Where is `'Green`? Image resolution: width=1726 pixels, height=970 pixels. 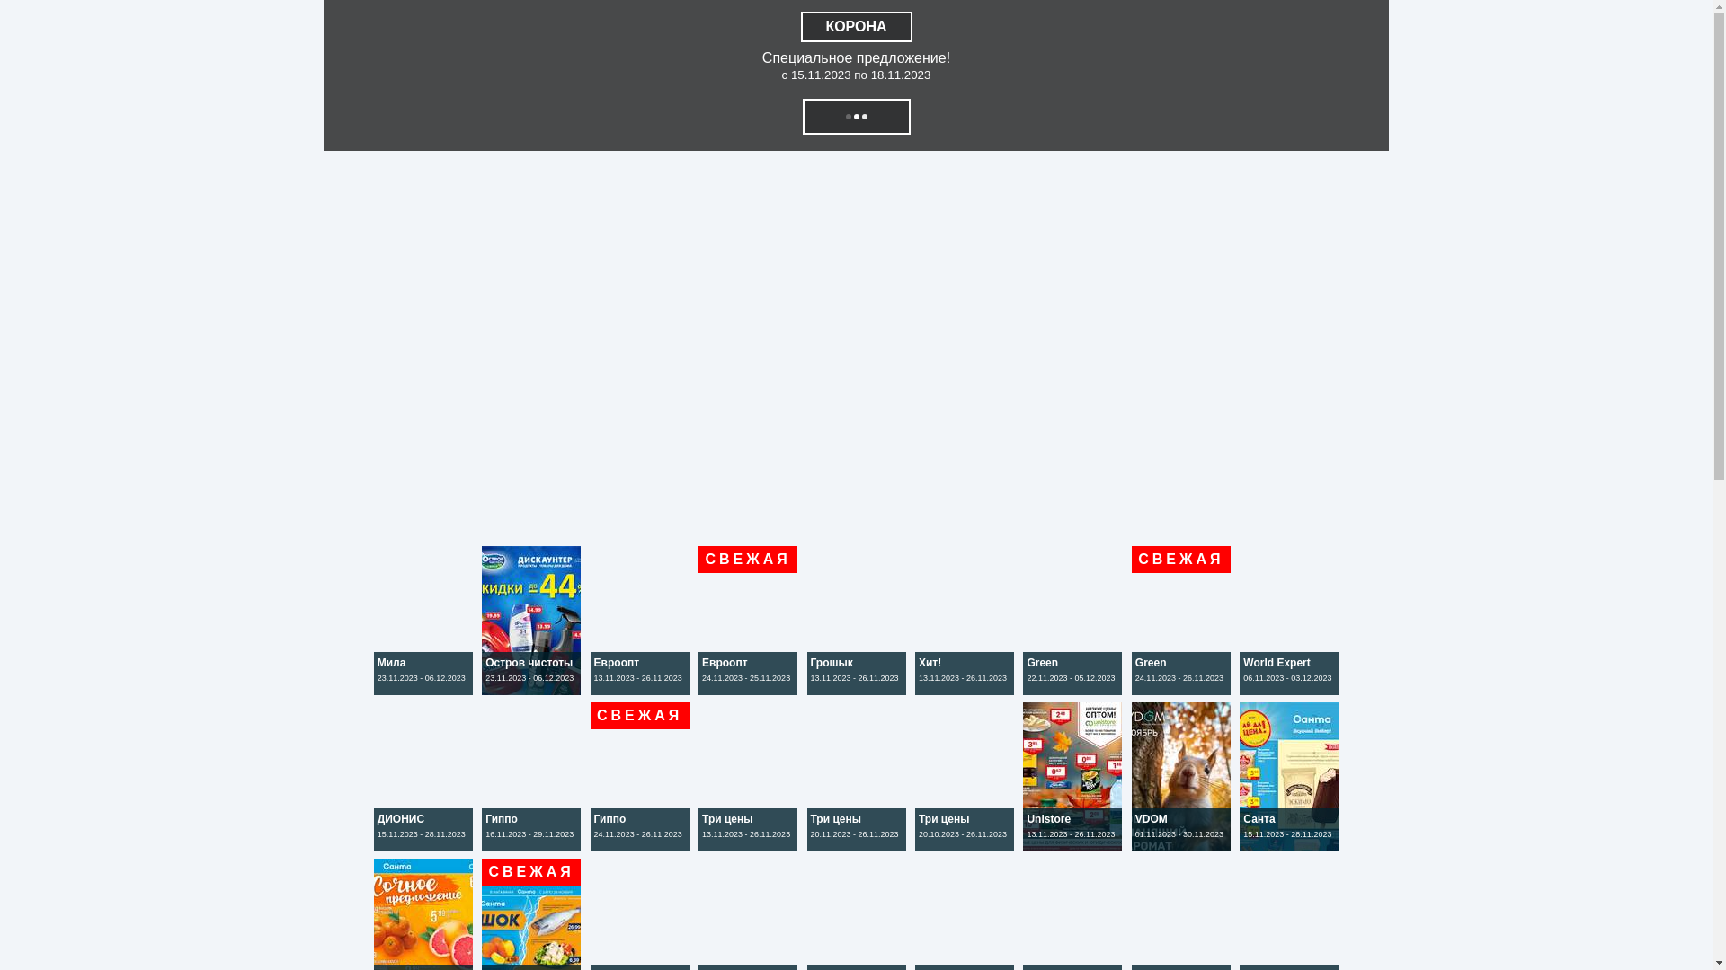
'Green is located at coordinates (1074, 689).